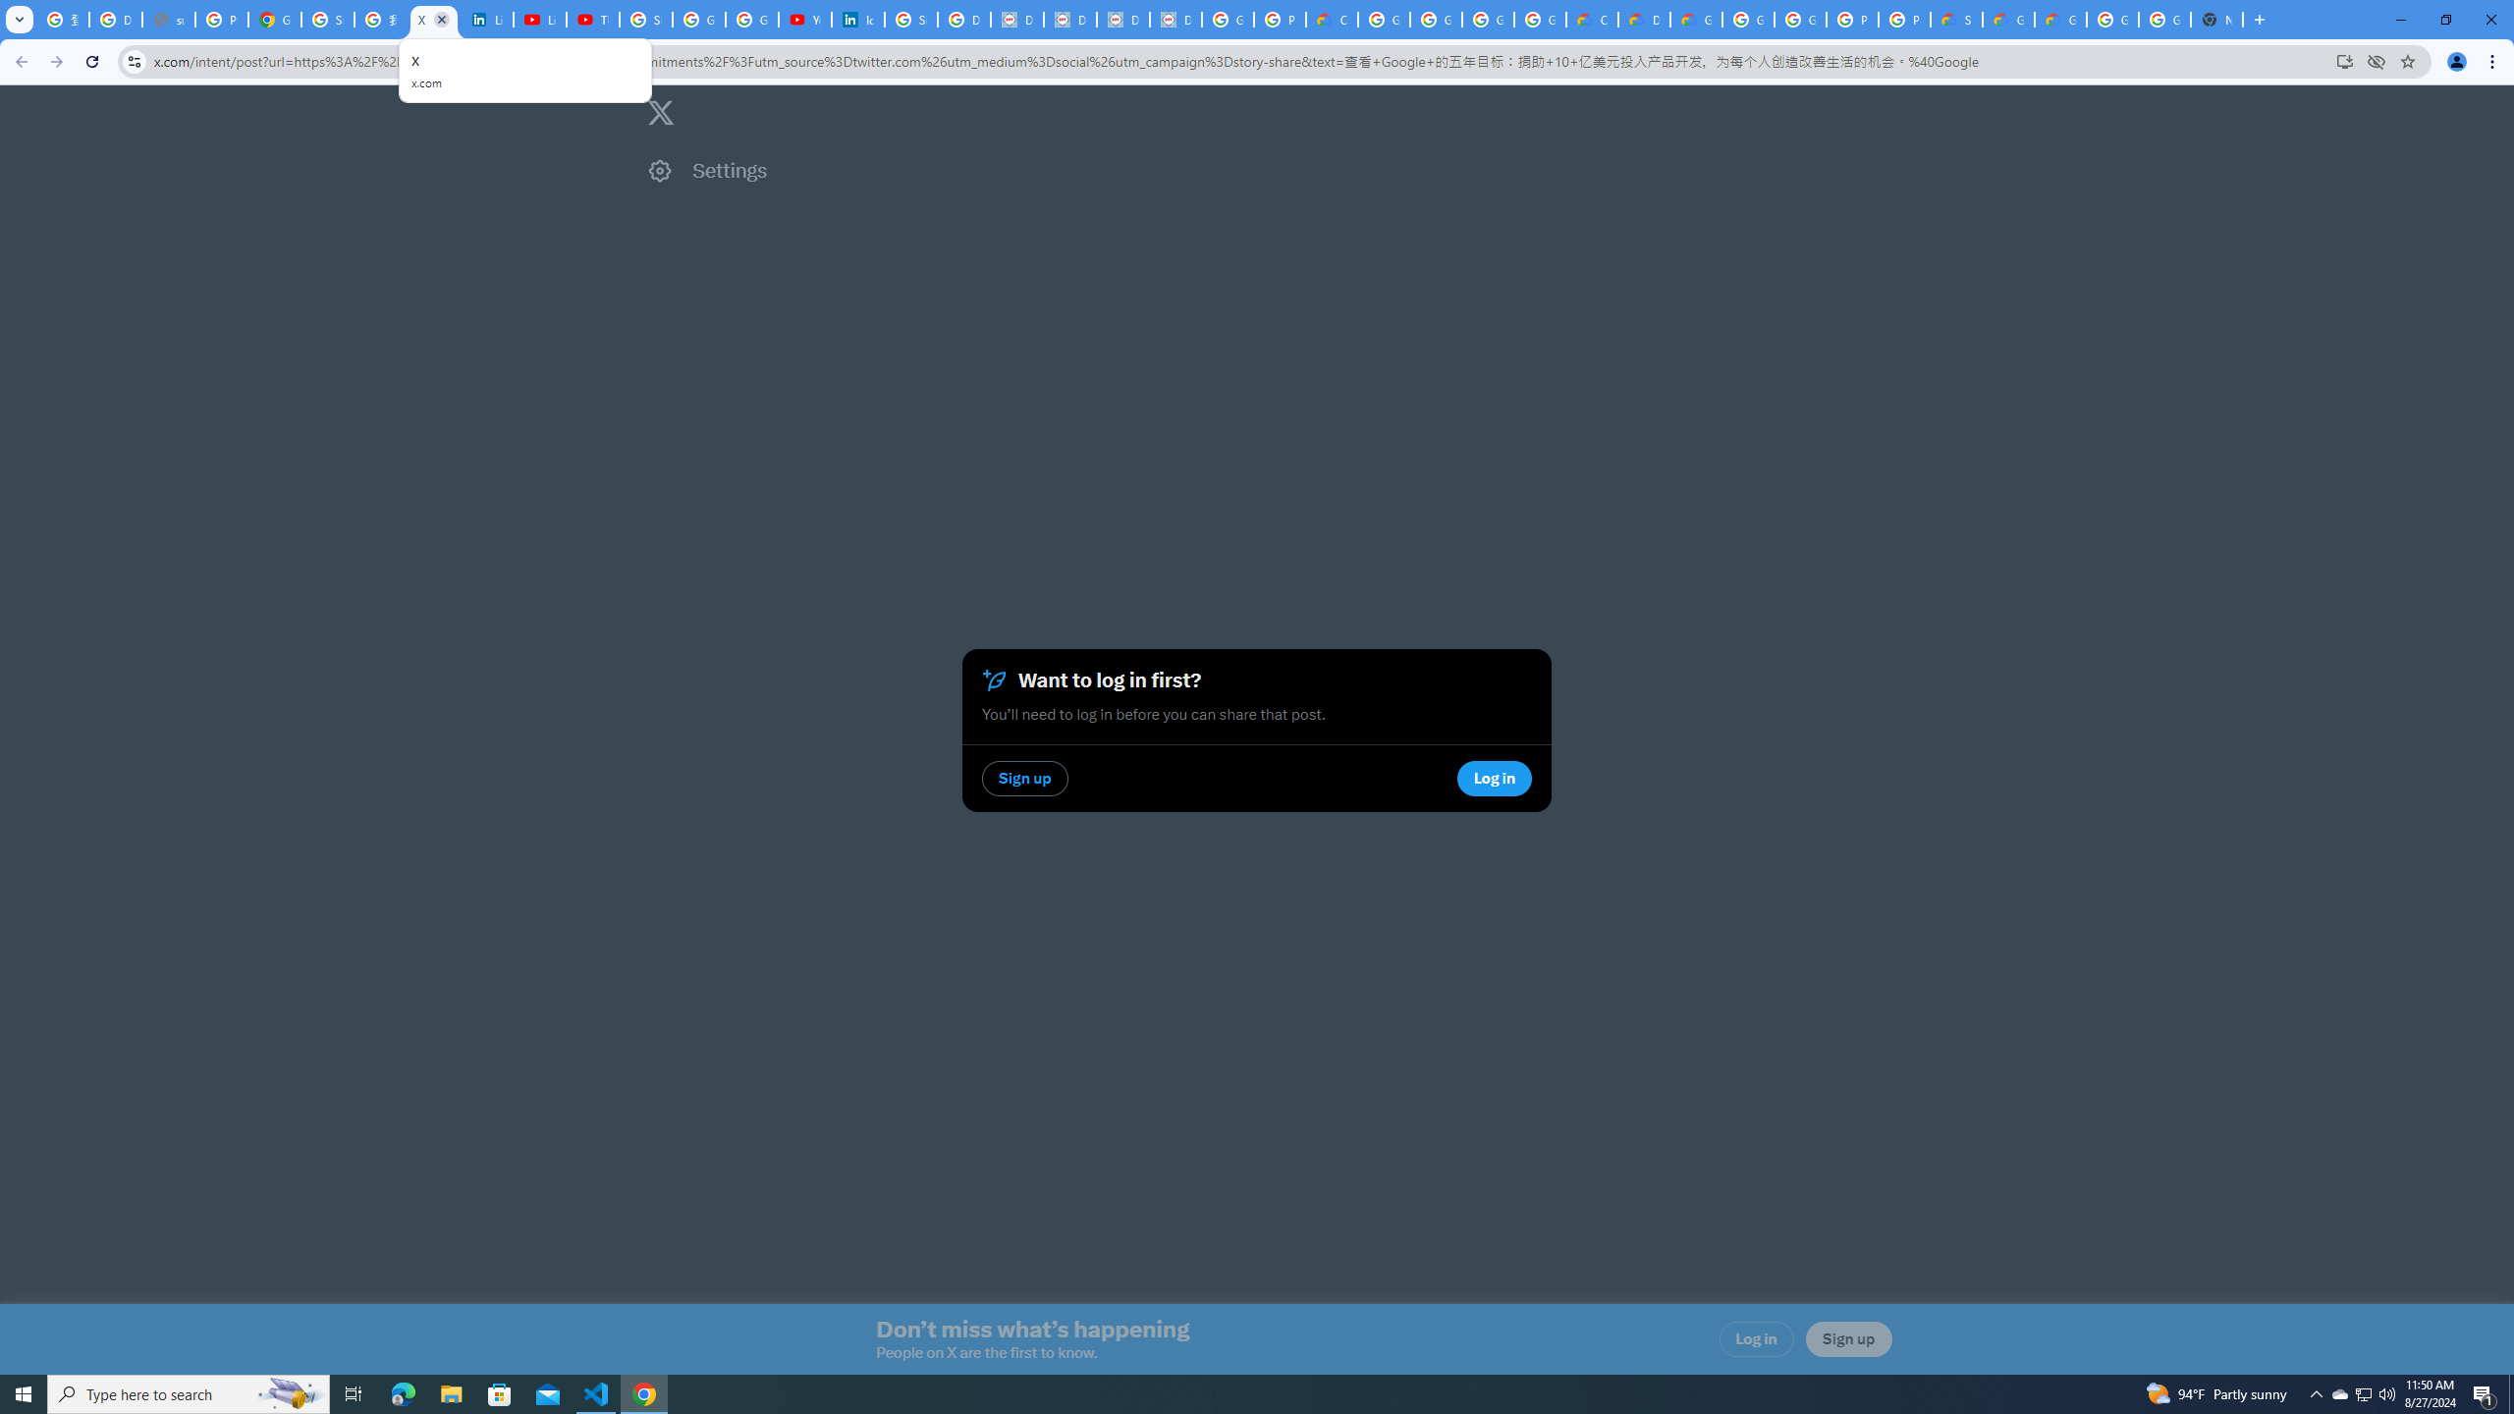 Image resolution: width=2514 pixels, height=1414 pixels. I want to click on 'LinkedIn Privacy Policy', so click(487, 19).